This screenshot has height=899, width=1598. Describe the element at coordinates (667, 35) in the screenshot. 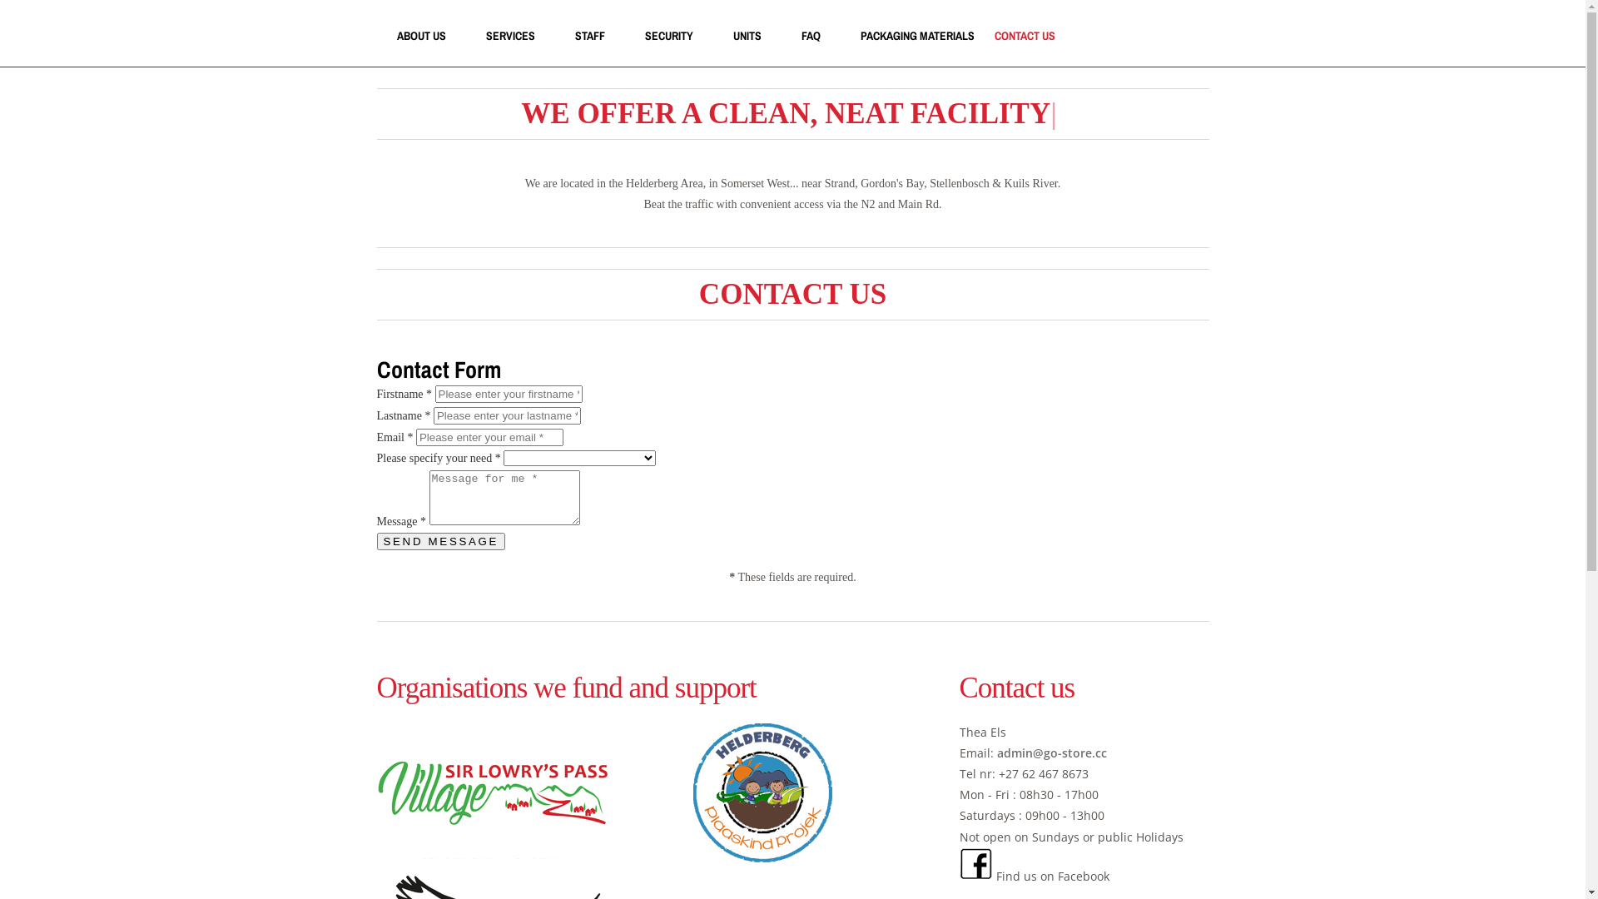

I see `'SECURITY'` at that location.